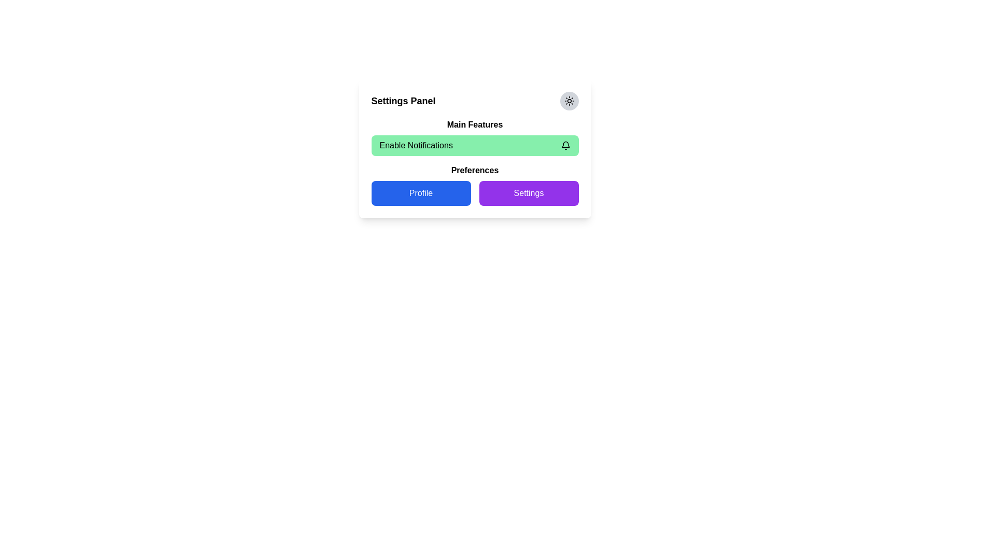  I want to click on bold text element labeled 'Settings Panel' located at the top of the card-like component, so click(403, 101).